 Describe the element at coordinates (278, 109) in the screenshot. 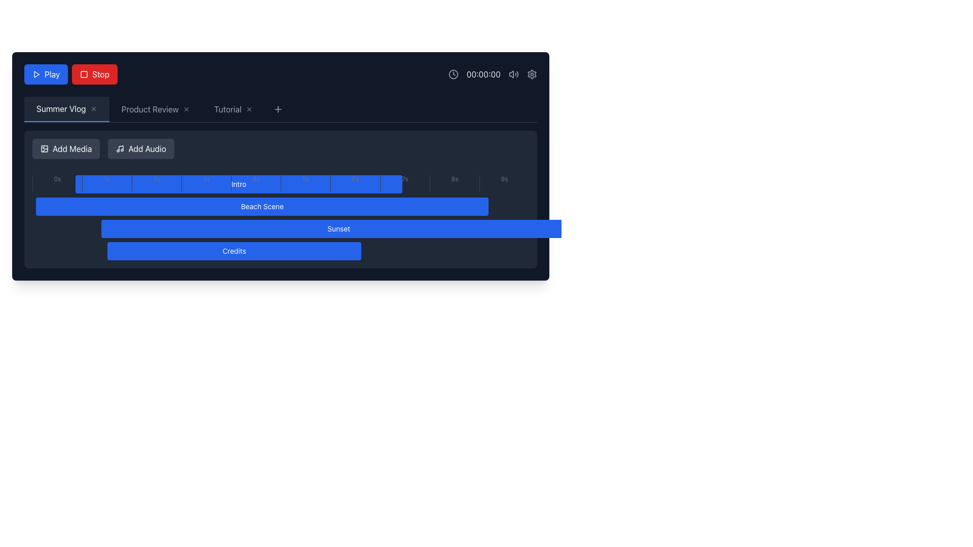

I see `the 'plus' icon button, which is a small vector graphic symbol representing a plus sign with rounded edges, located at the far right end of the tab interface near 'Summer Vlog,' 'Product Review,' and 'Tutorial,'` at that location.